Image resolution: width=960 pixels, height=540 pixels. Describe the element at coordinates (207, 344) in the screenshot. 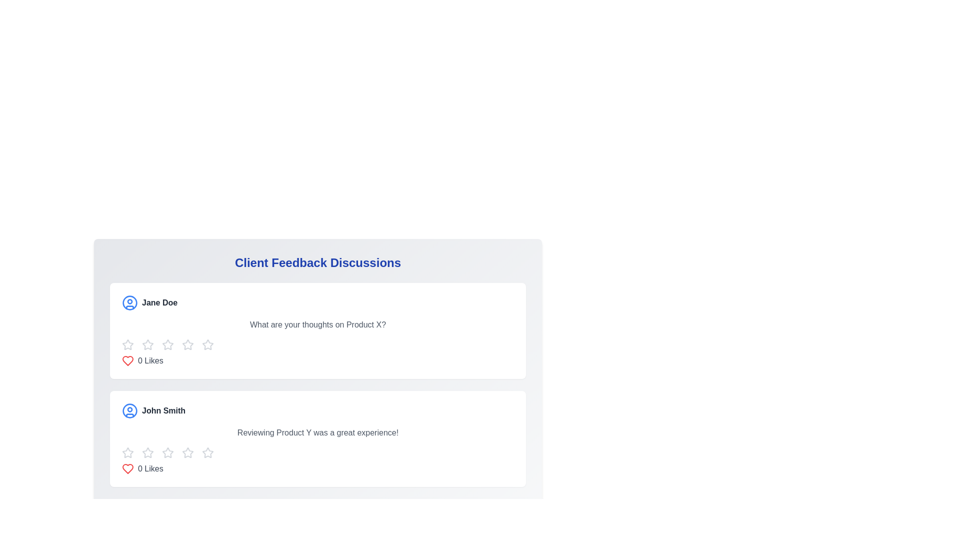

I see `the fourth star icon in the rating section below 'Jane Doe's message` at that location.